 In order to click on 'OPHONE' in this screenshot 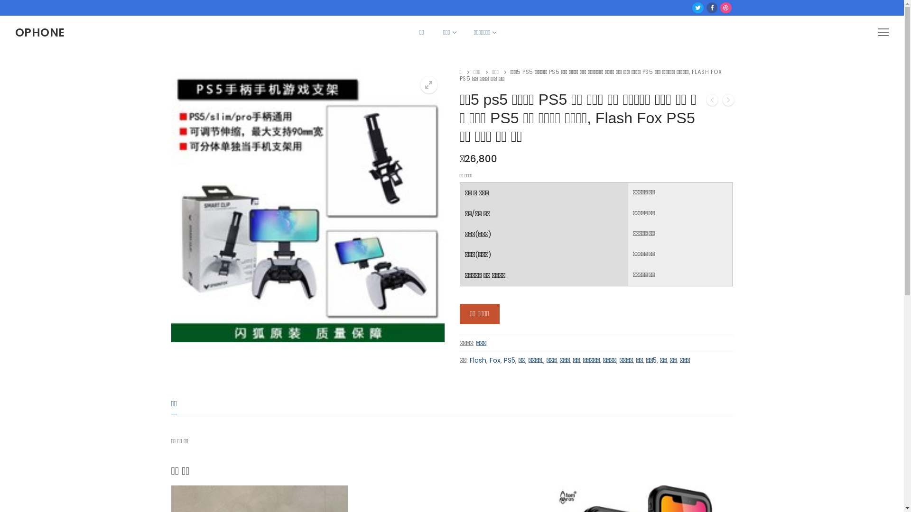, I will do `click(39, 32)`.